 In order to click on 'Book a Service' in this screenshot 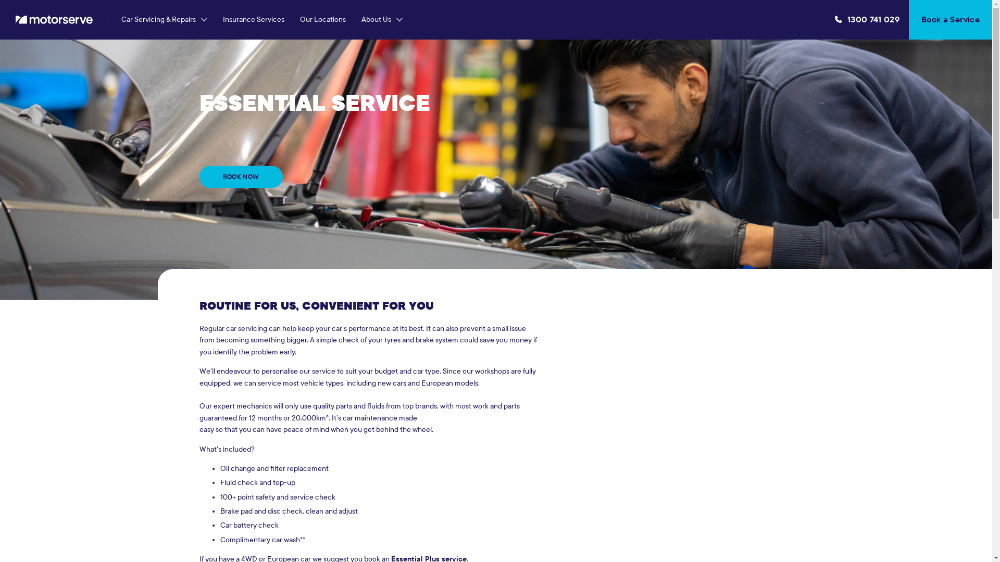, I will do `click(950, 20)`.